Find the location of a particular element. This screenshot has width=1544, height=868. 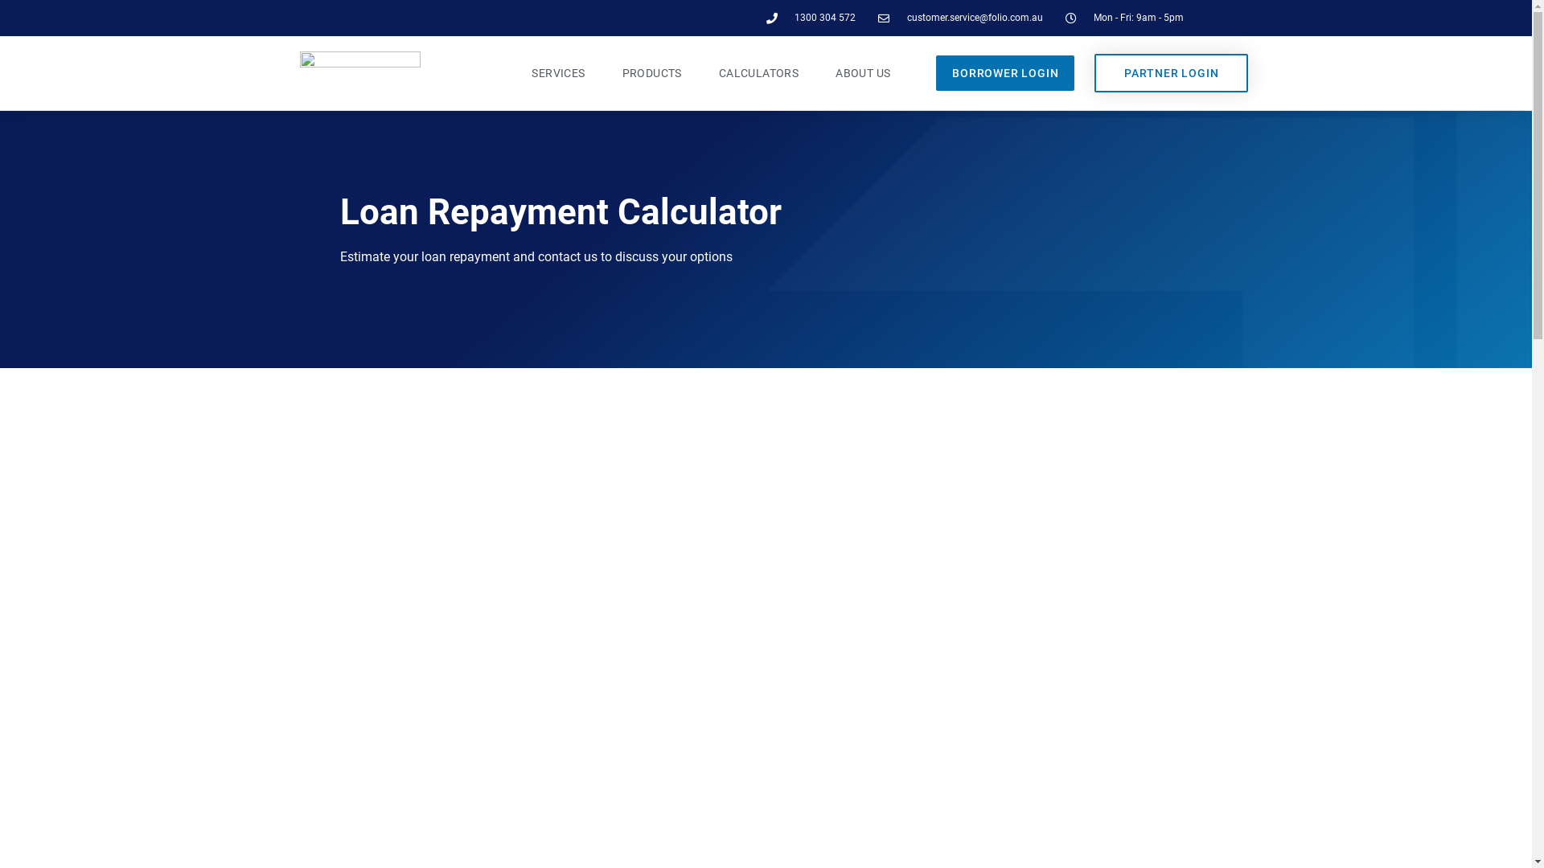

'PRODUCTS' is located at coordinates (652, 73).